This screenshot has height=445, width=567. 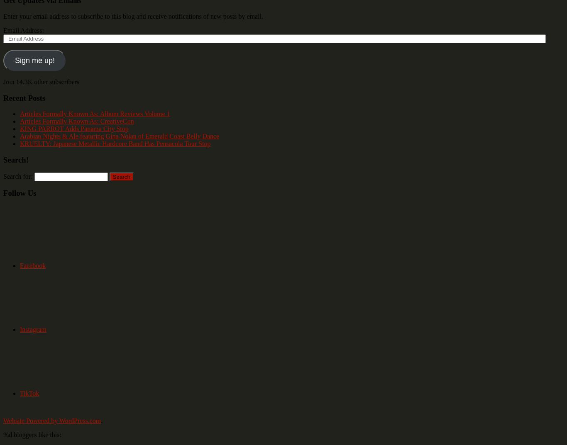 I want to click on 'Facebook', so click(x=32, y=265).